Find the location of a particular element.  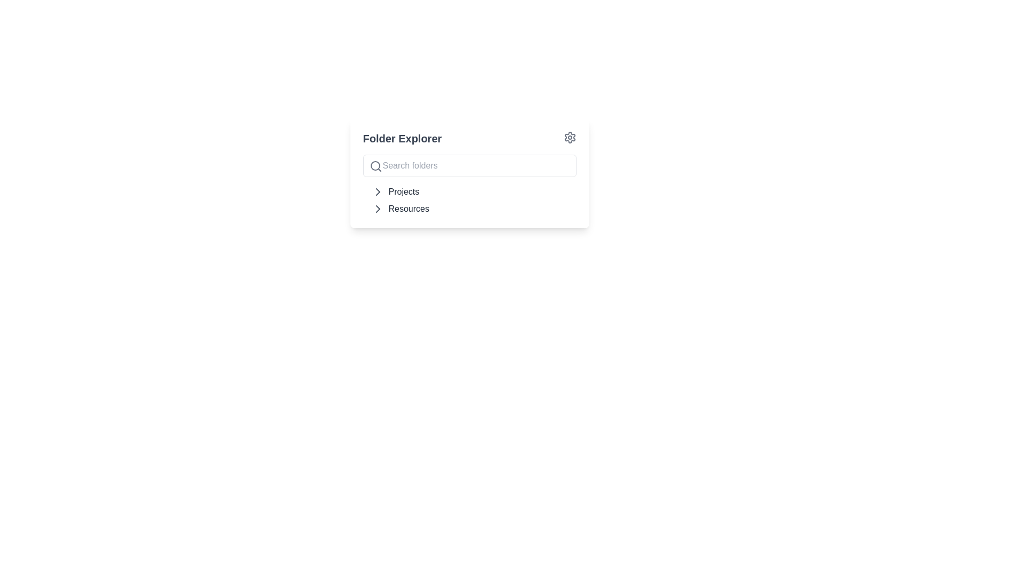

the search icon located inside the 'Search folders' input field of the 'Folder Explorer' component, which serves as a visual indicator for the search functionality is located at coordinates (375, 166).